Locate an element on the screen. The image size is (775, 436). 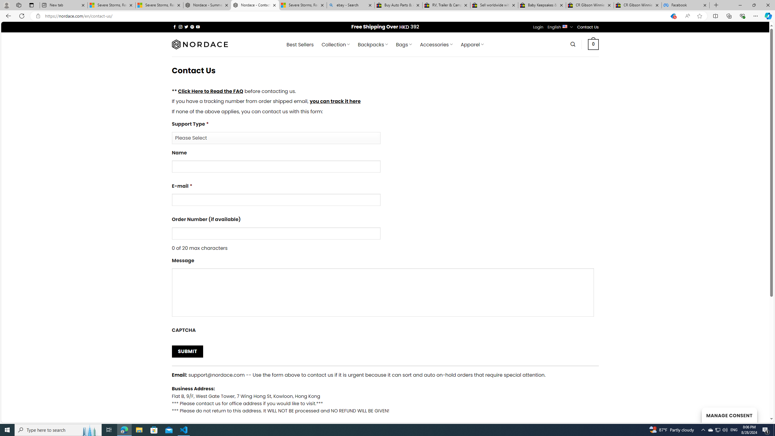
'MANAGE CONSENT' is located at coordinates (729, 415).